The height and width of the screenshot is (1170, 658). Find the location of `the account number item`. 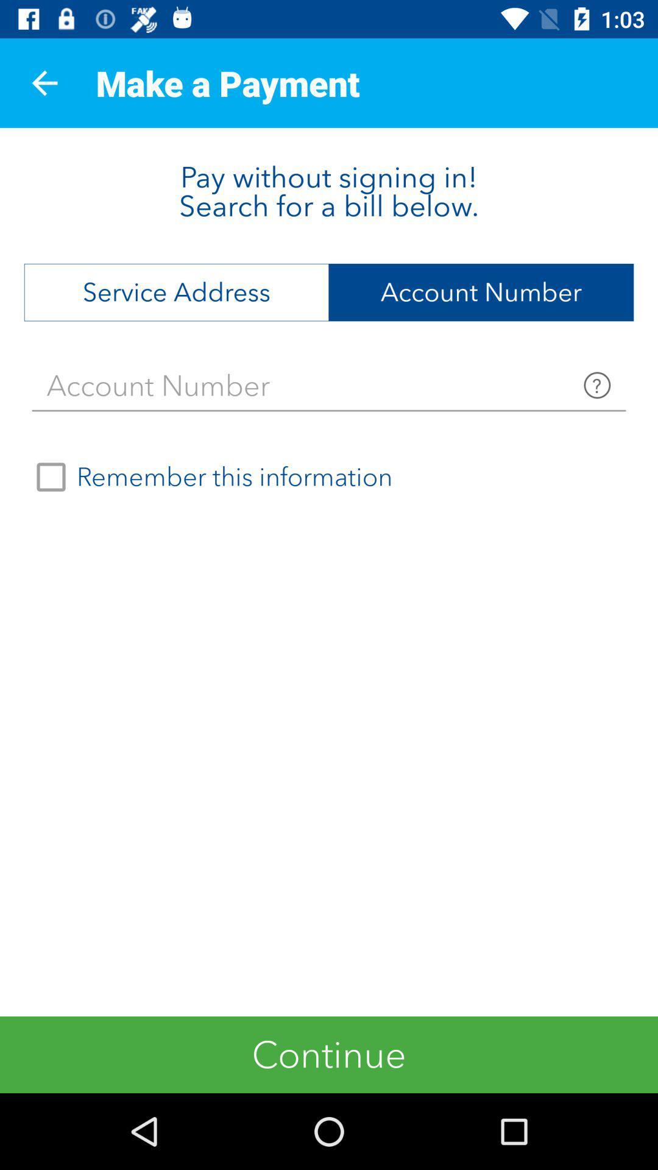

the account number item is located at coordinates (481, 292).